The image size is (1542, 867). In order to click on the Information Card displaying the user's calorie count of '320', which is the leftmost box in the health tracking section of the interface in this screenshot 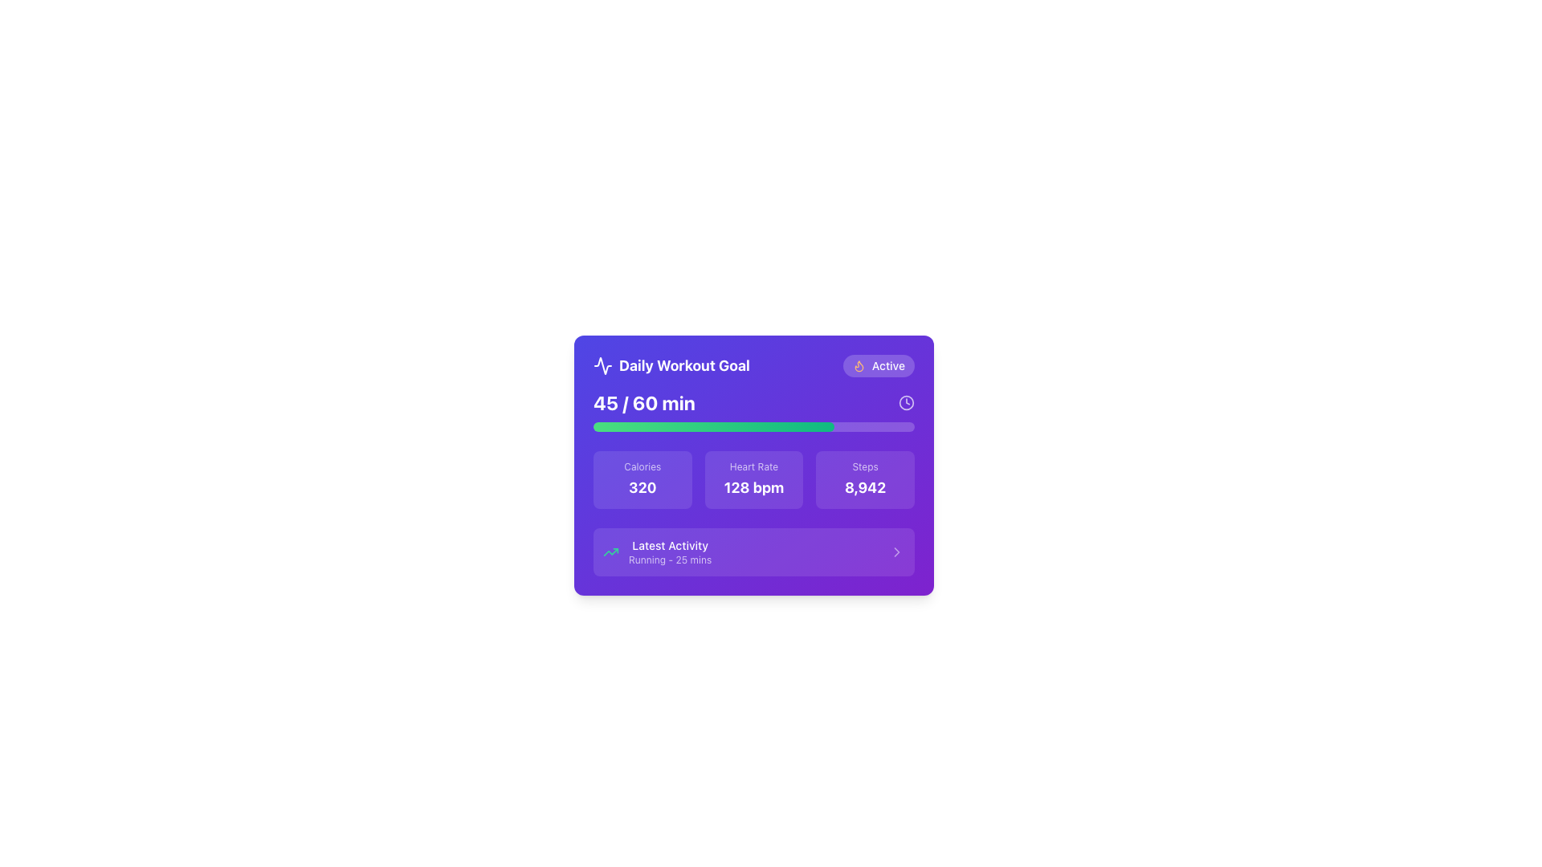, I will do `click(642, 478)`.